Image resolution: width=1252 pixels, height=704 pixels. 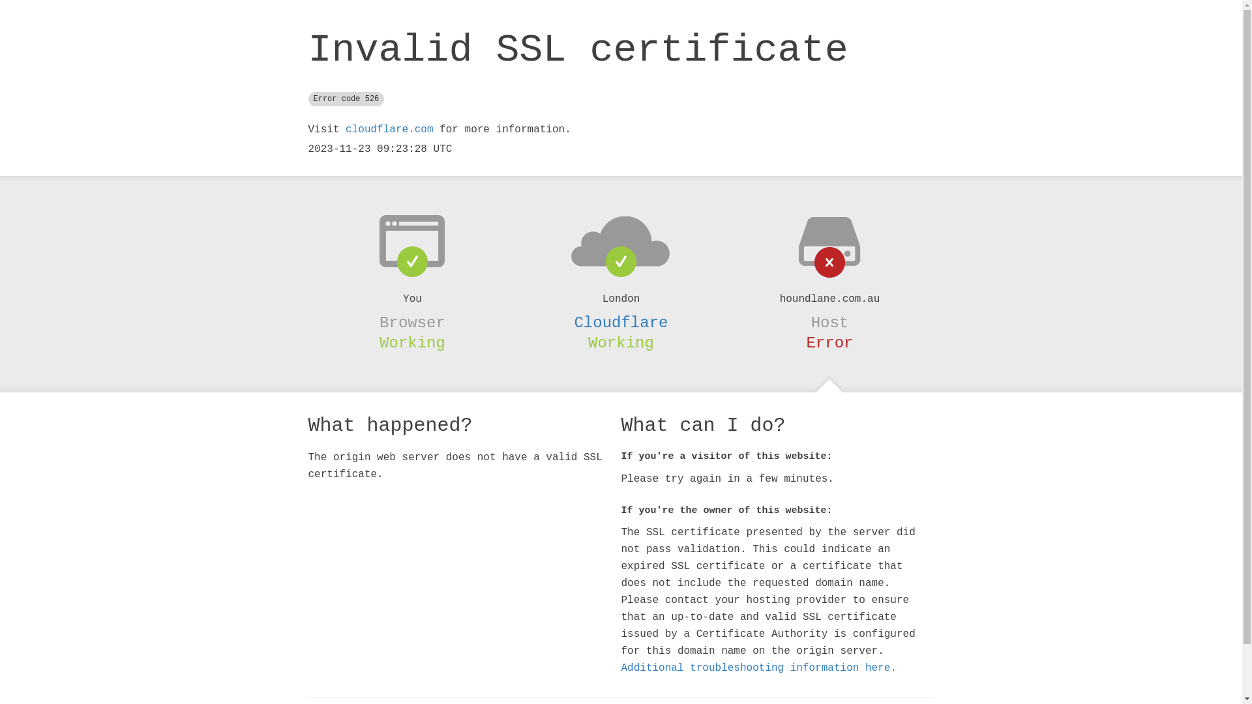 I want to click on 'cloudflare.com', so click(x=388, y=130).